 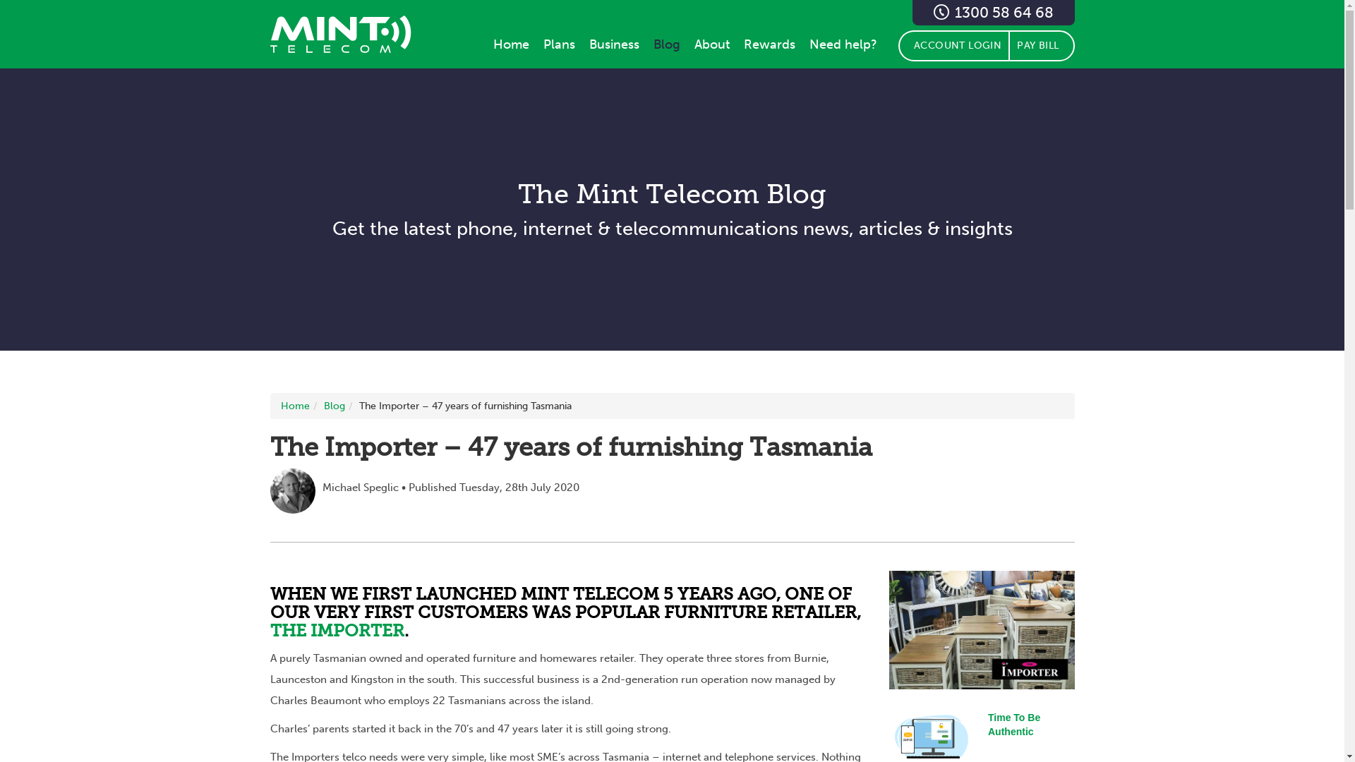 I want to click on 'Business', so click(x=614, y=43).